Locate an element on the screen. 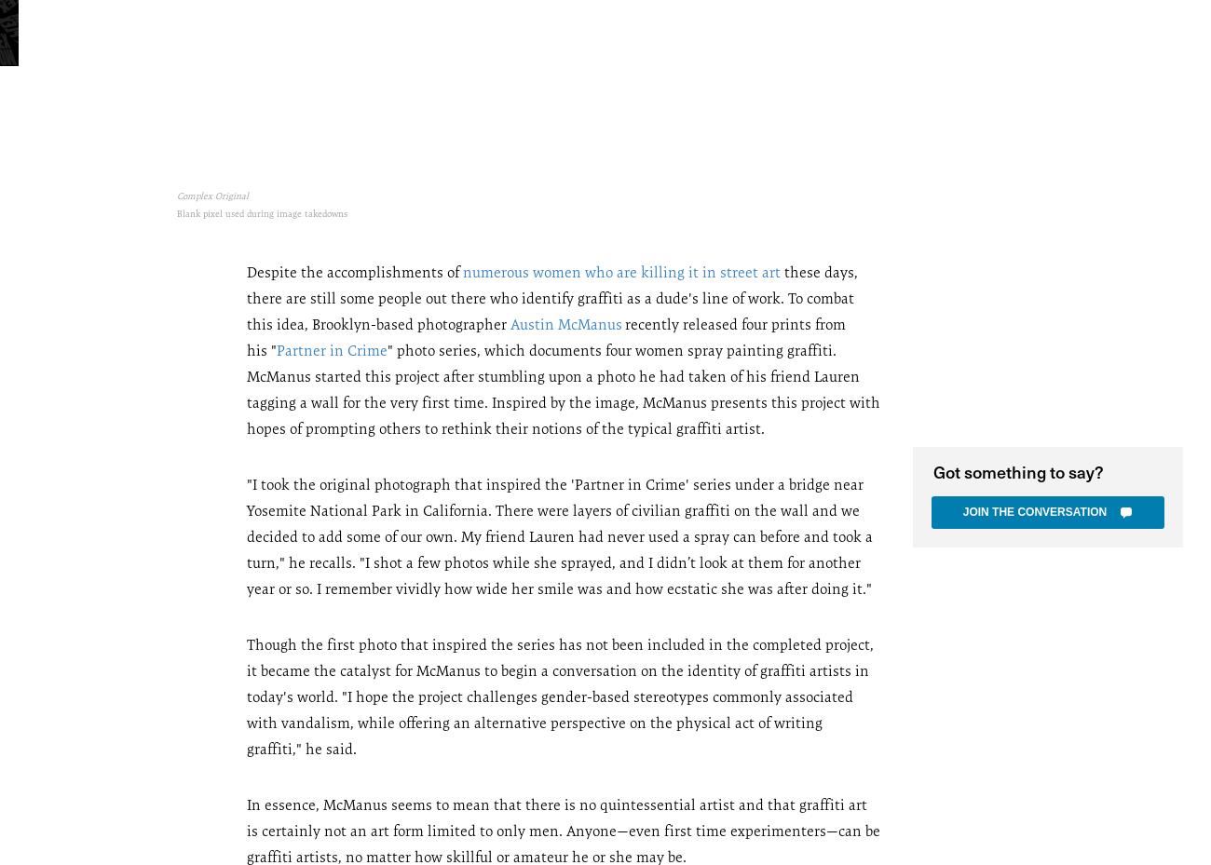 The height and width of the screenshot is (865, 1211). 'JOIN THE CONVERSATION' is located at coordinates (1033, 511).